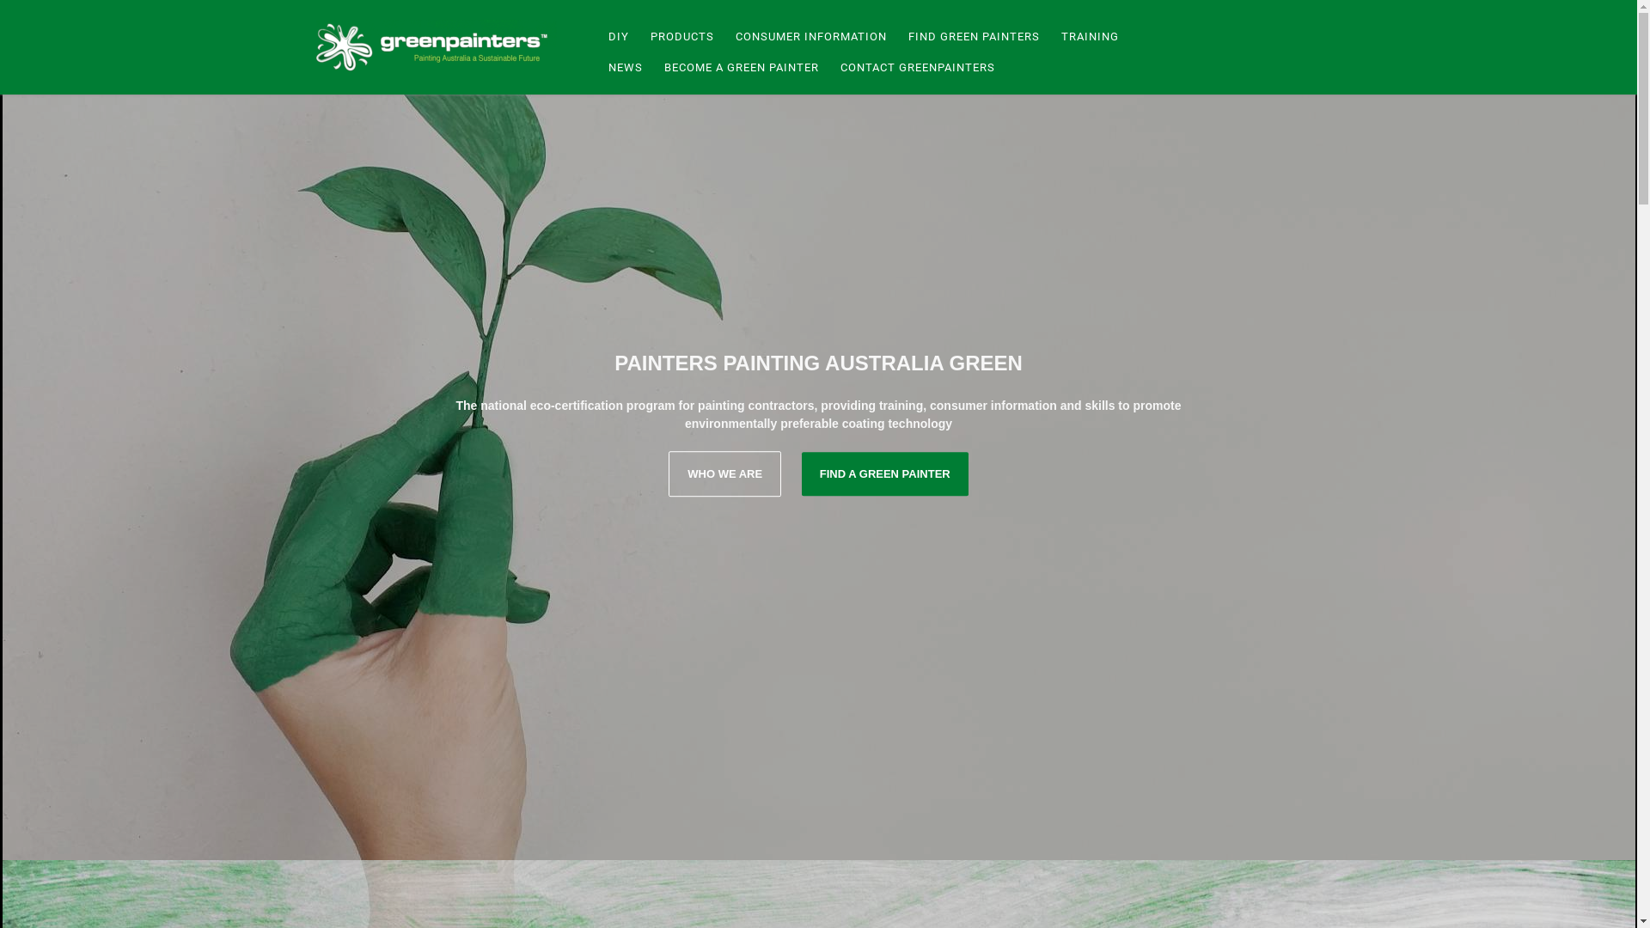 This screenshot has height=928, width=1650. I want to click on 'CONTACT GREENPAINTERS', so click(826, 66).